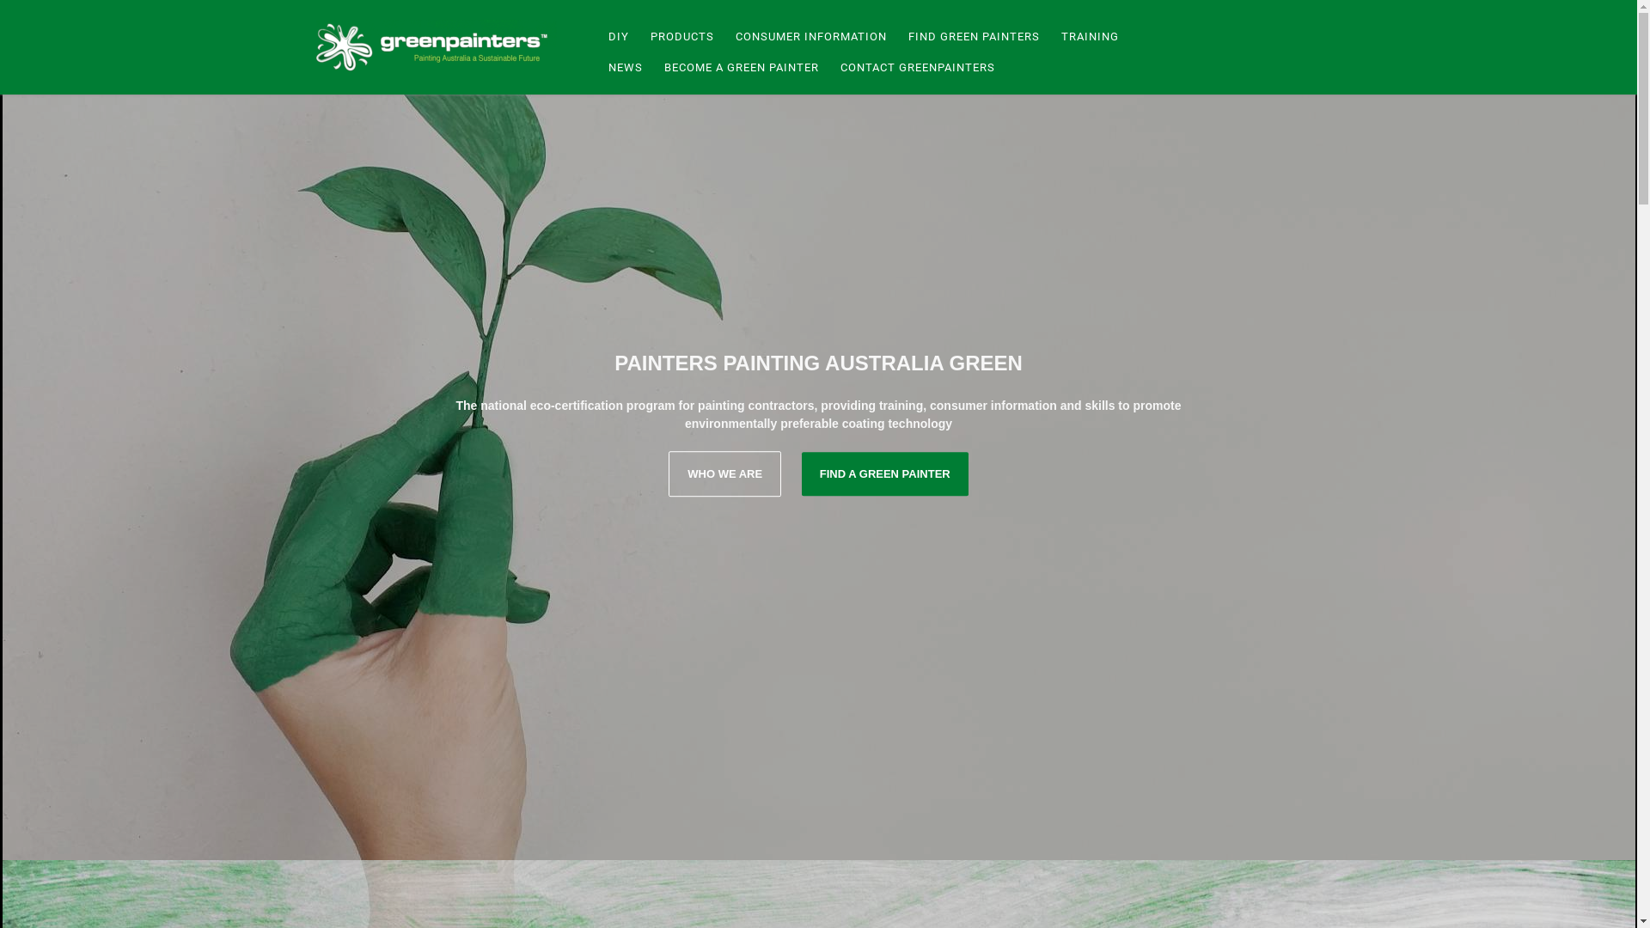 This screenshot has height=928, width=1650. I want to click on 'CONTACT GREENPAINTERS', so click(826, 66).